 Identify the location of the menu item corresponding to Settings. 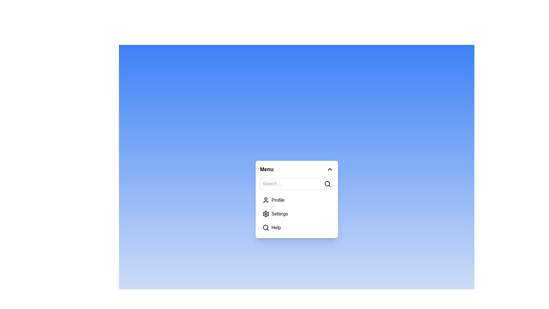
(265, 214).